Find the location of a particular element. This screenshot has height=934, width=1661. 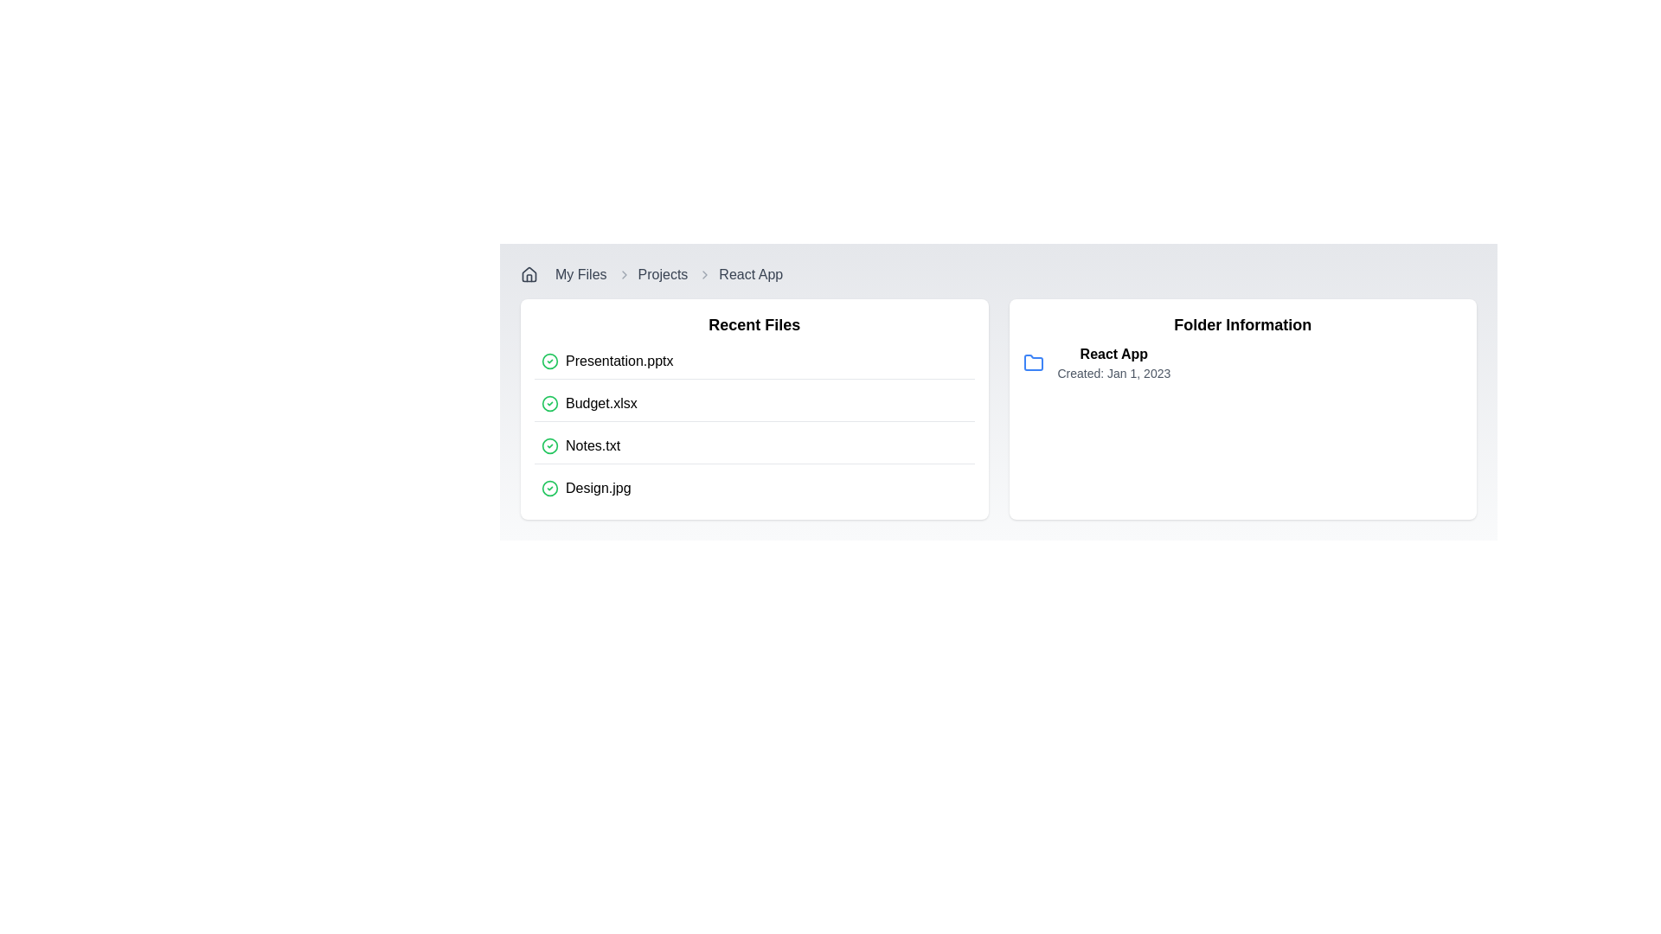

the indicator icon to the left of 'Budget.xlsx' in the second row of the 'Recent Files' list to check its status is located at coordinates (548, 403).